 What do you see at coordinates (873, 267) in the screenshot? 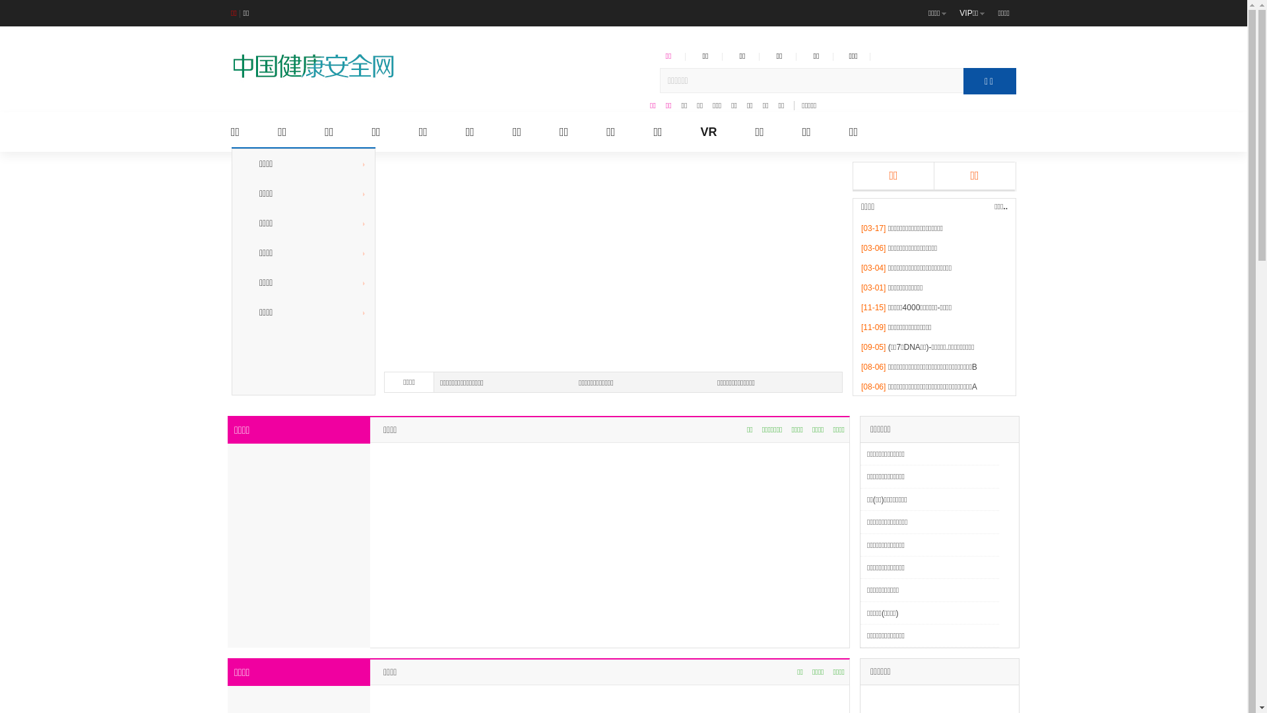
I see `'[03-04]'` at bounding box center [873, 267].